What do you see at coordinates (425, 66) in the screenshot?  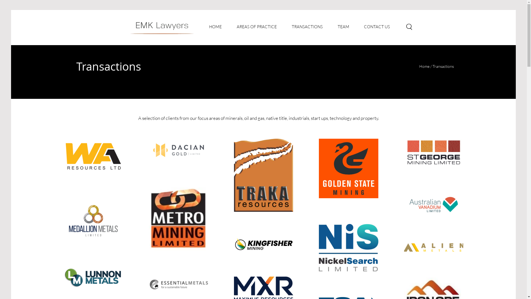 I see `'Home '` at bounding box center [425, 66].